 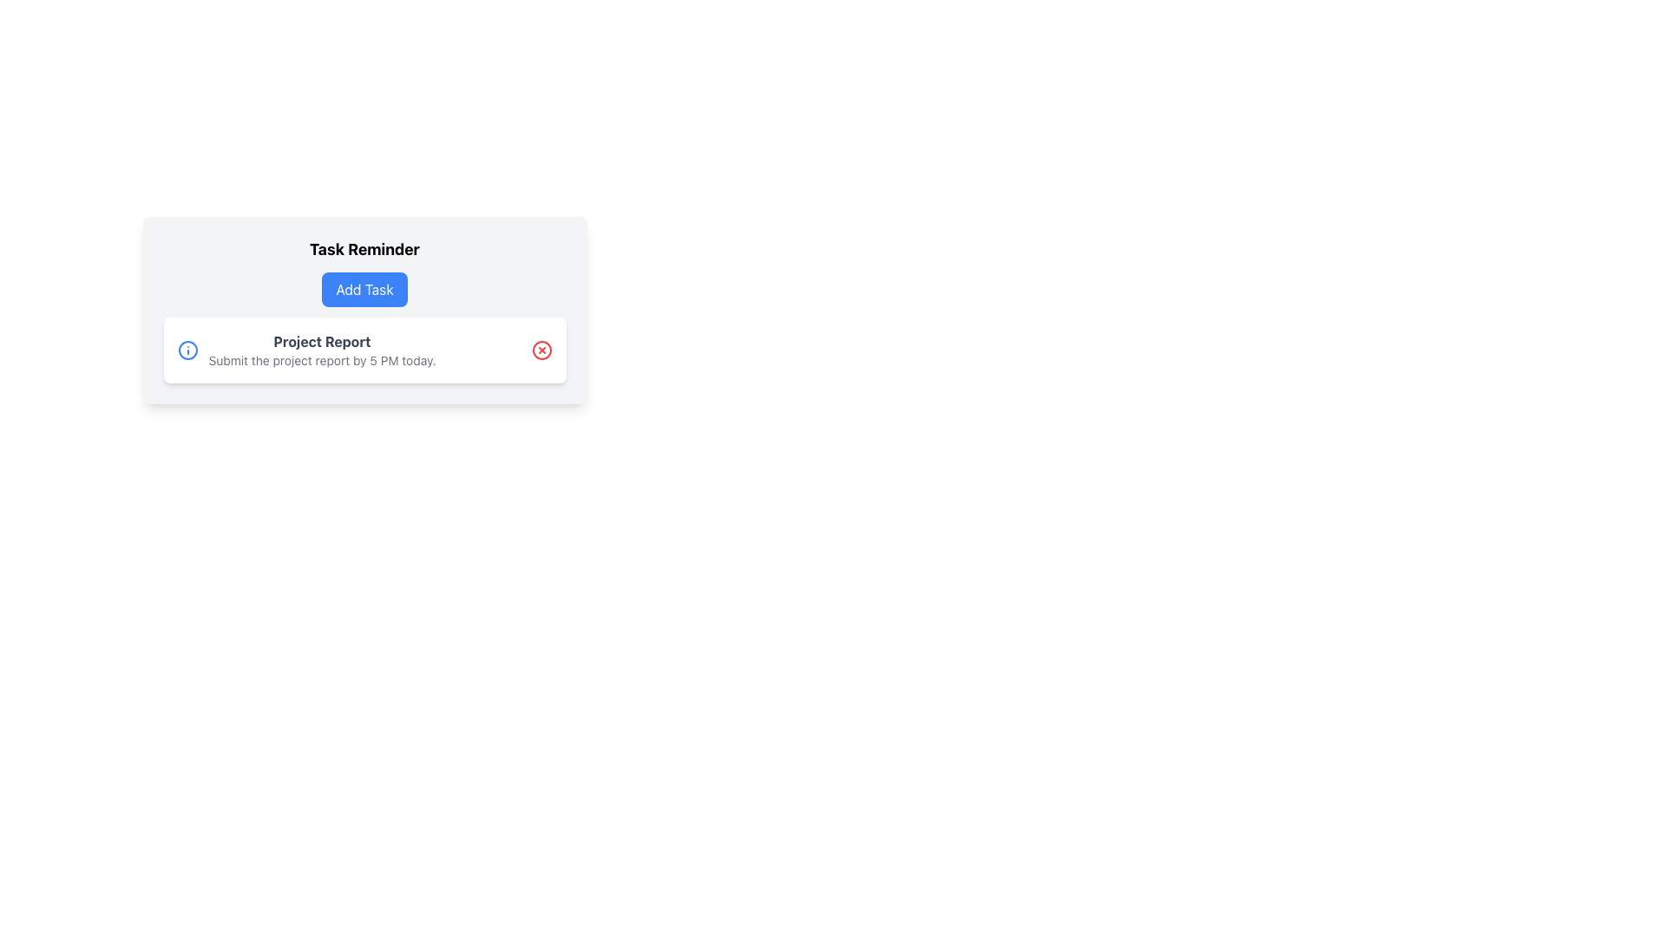 What do you see at coordinates (322, 351) in the screenshot?
I see `task description information displayed in the central text block of the task card layout, positioned between the blue info icon and the red delete icon` at bounding box center [322, 351].